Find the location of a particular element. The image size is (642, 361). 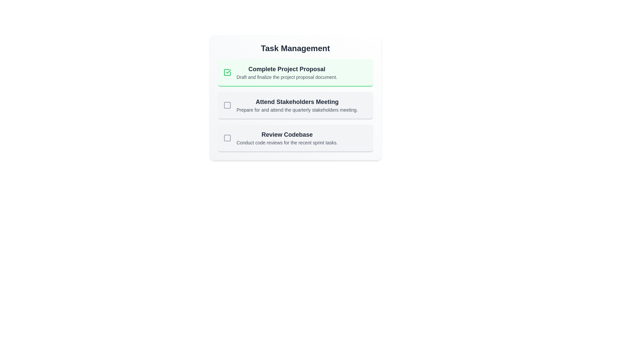

the static text description reading 'Conduct code reviews for the recent sprint tasks.' which is located beneath the header 'Review Codebase' in the task list under 'Task Management' is located at coordinates (287, 142).